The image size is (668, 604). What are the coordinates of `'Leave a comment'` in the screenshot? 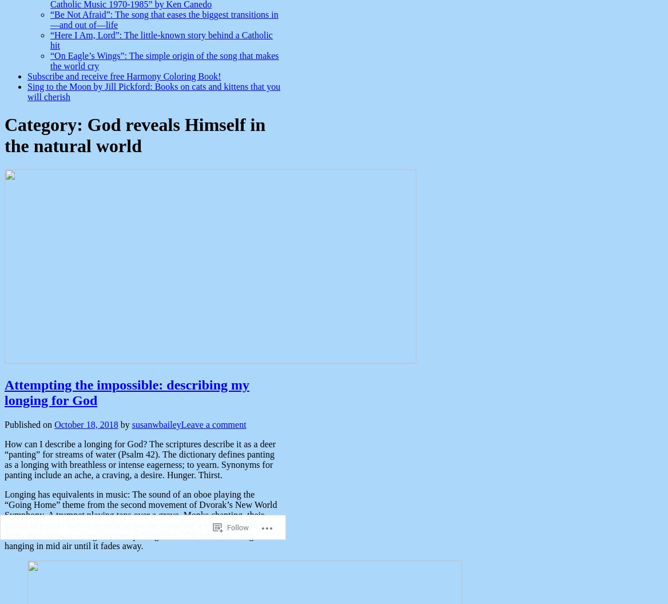 It's located at (212, 423).